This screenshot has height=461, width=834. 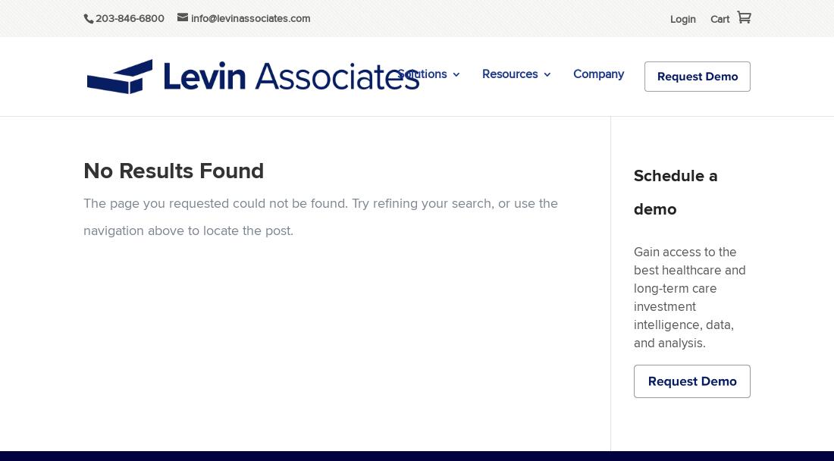 What do you see at coordinates (434, 124) in the screenshot?
I see `'LevinPro'` at bounding box center [434, 124].